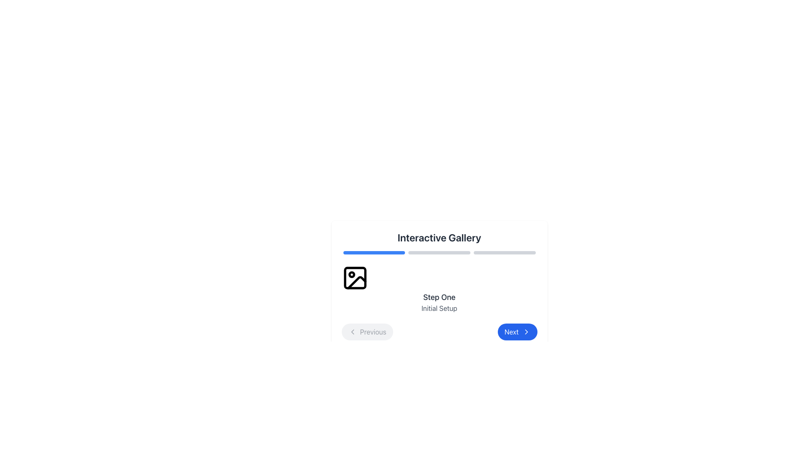 The height and width of the screenshot is (455, 810). What do you see at coordinates (526, 331) in the screenshot?
I see `the rightward-pointing chevron icon located inside the circular blue button labeled 'Next' at the bottom-right corner of the main content area for informational purposes` at bounding box center [526, 331].